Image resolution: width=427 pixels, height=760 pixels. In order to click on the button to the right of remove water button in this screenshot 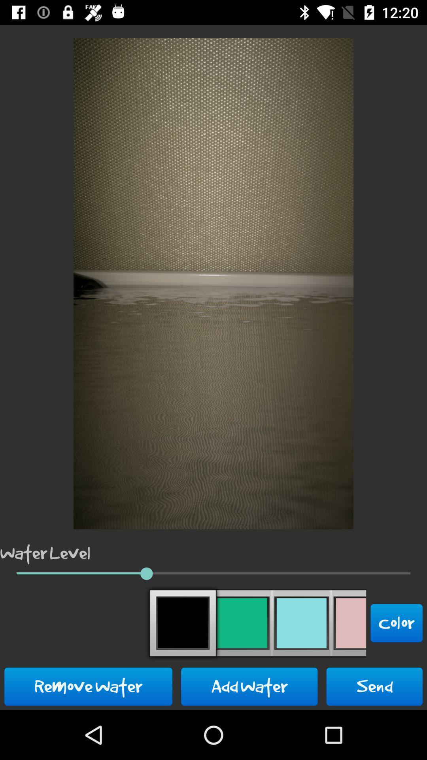, I will do `click(249, 686)`.